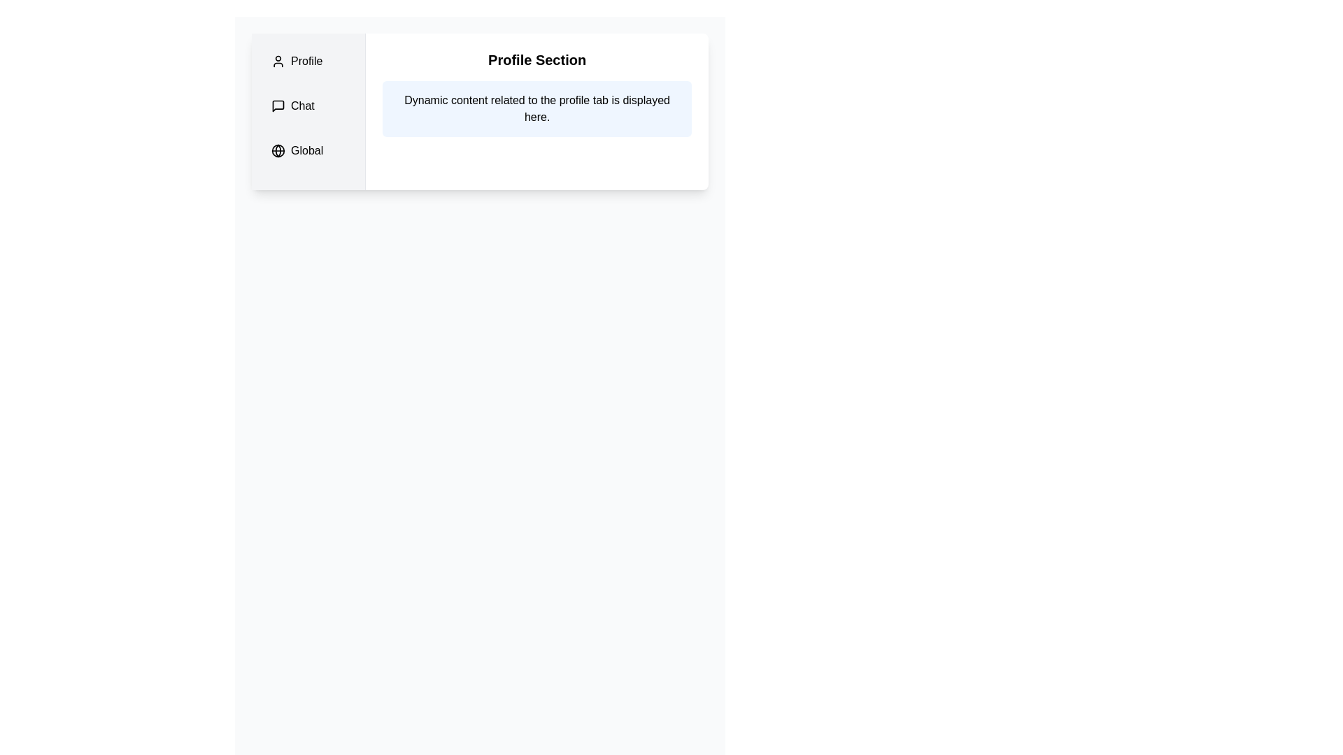 Image resolution: width=1343 pixels, height=755 pixels. What do you see at coordinates (278, 151) in the screenshot?
I see `the circular element representing the external part of the globe icon located in the left sidebar, positioned between 'Chat' and 'Profile'` at bounding box center [278, 151].